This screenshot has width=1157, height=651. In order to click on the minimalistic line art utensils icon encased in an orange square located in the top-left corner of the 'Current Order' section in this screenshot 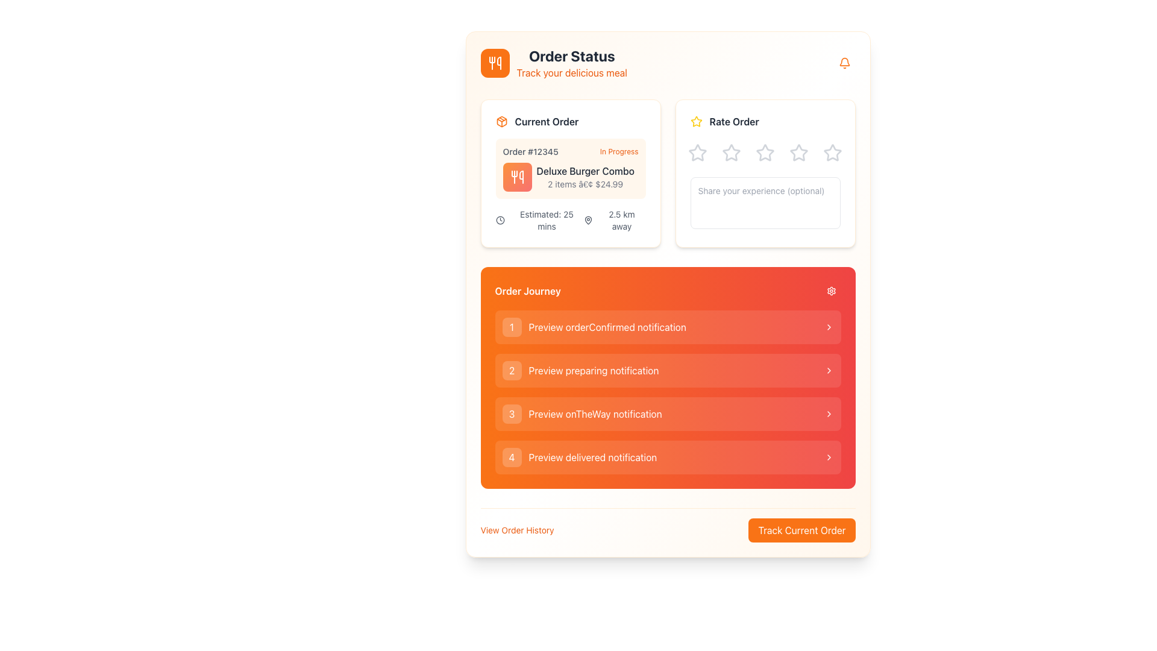, I will do `click(495, 63)`.